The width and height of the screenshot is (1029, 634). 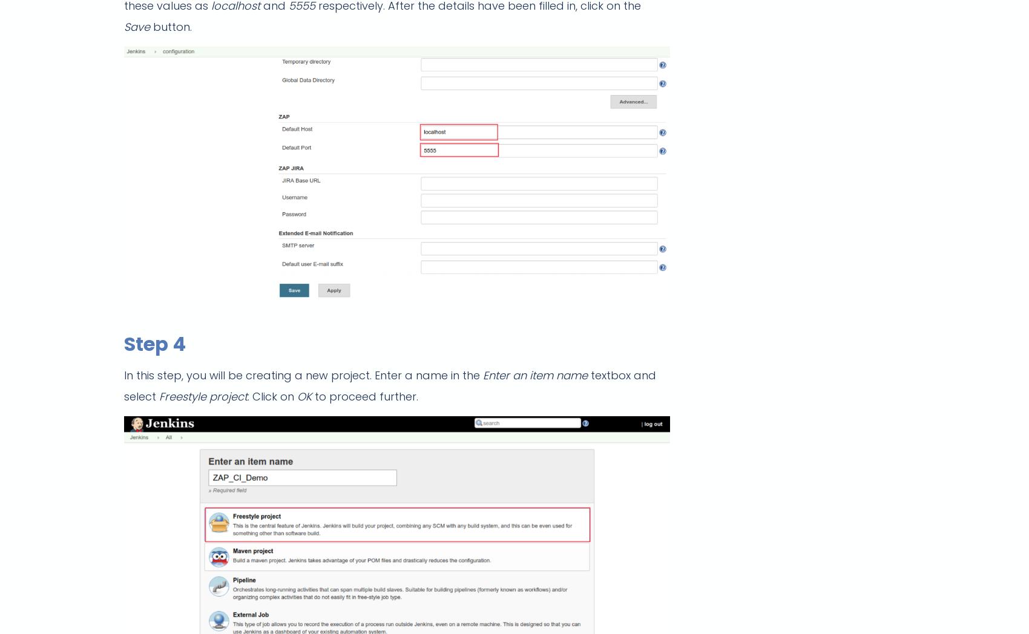 I want to click on 'Save', so click(x=123, y=26).